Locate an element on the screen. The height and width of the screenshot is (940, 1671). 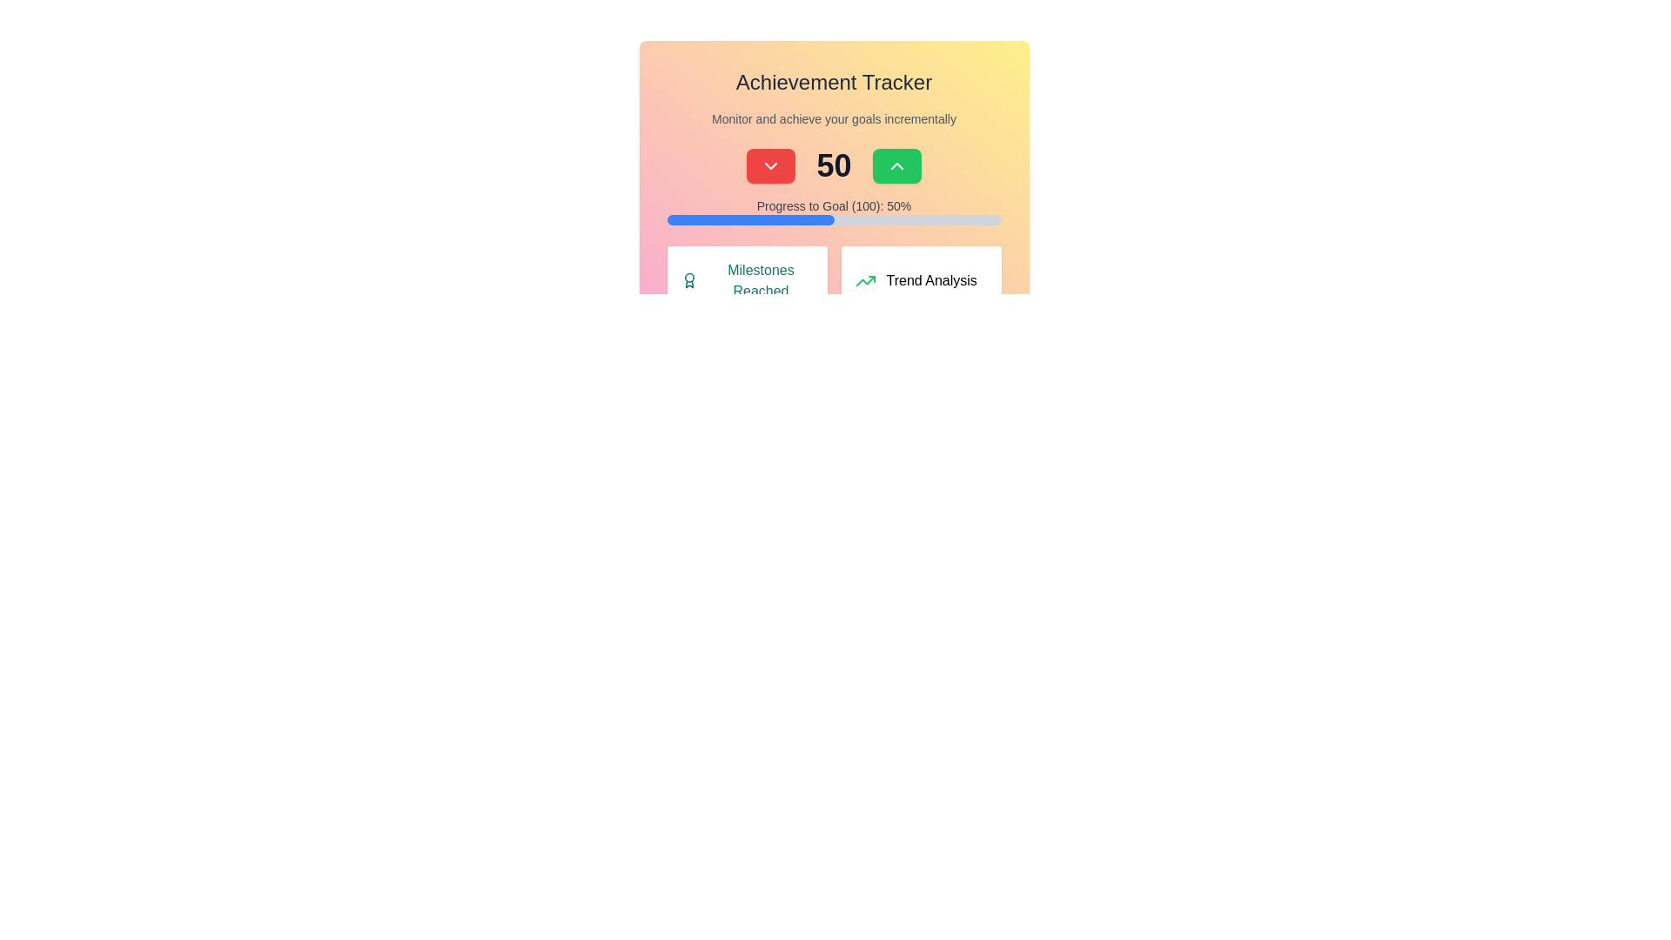
teal medal icon located to the left of the 'Milestones Reached' text in the section with a white background is located at coordinates (688, 280).